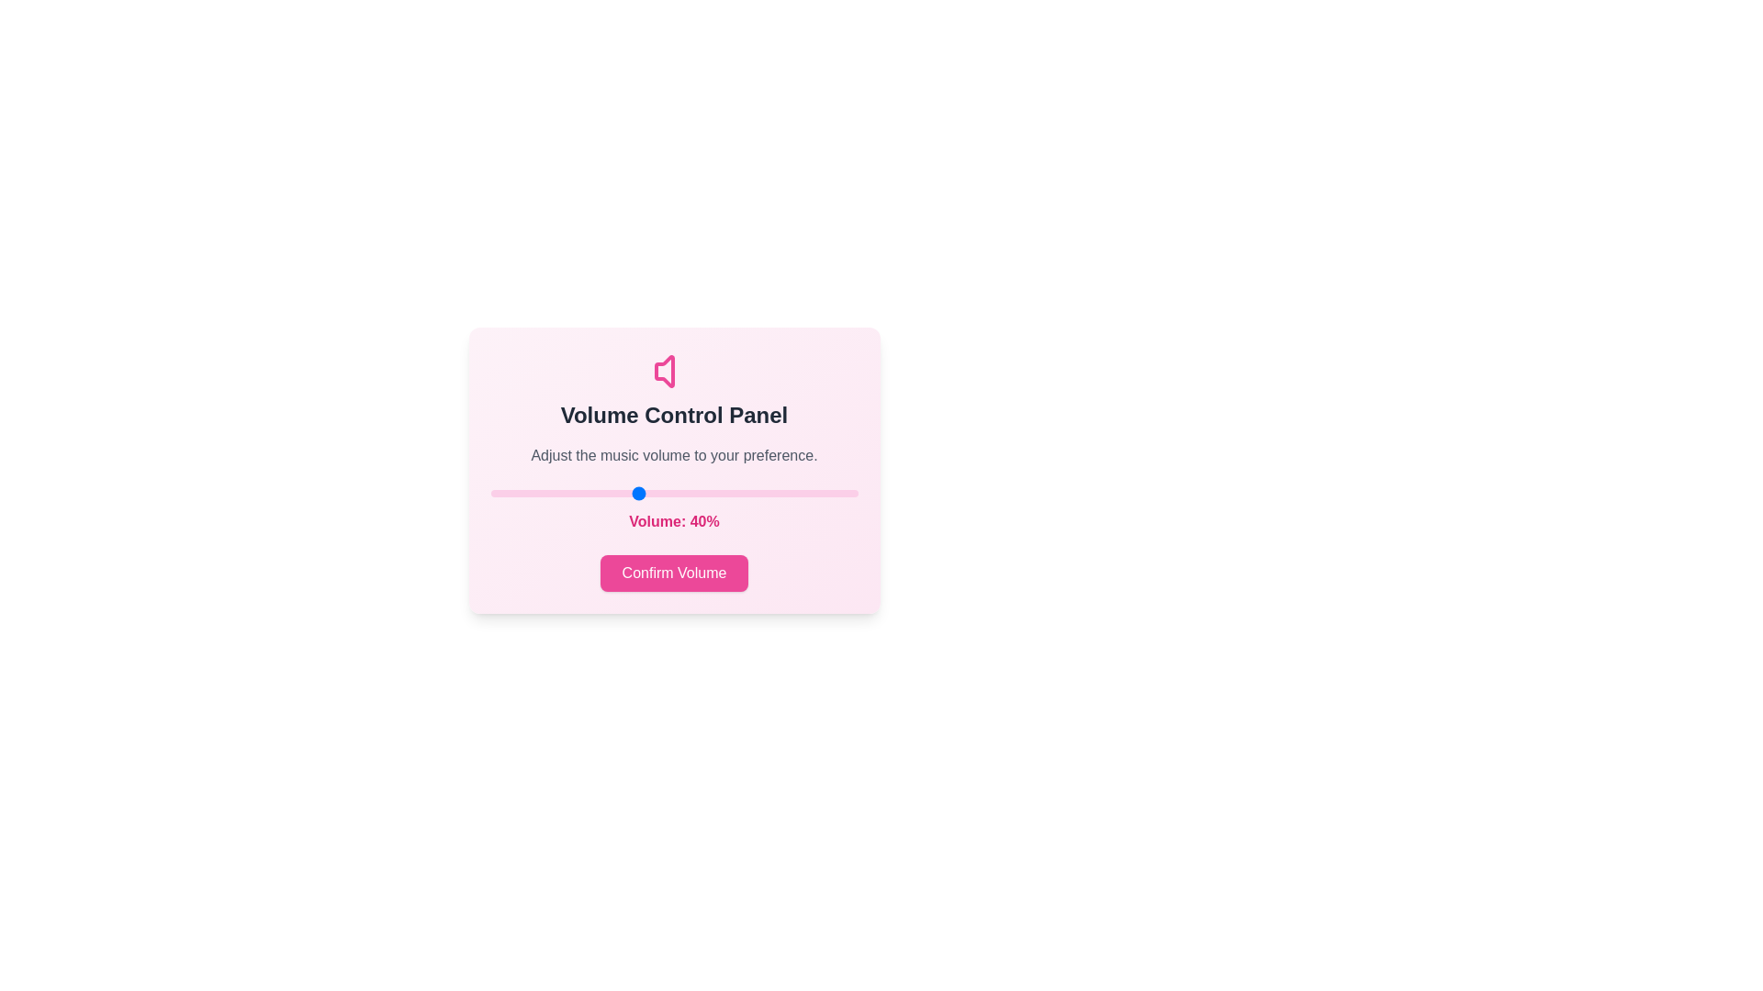 This screenshot has height=991, width=1763. Describe the element at coordinates (662, 492) in the screenshot. I see `the volume to 47 percent by dragging the slider` at that location.